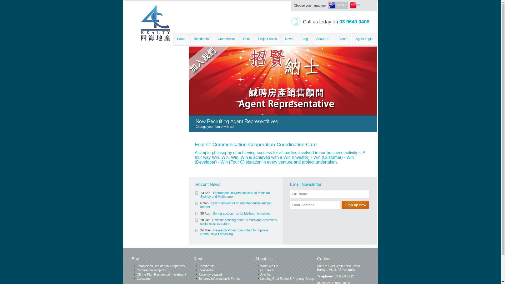  What do you see at coordinates (131, 271) in the screenshot?
I see `'Commercial Projects'` at bounding box center [131, 271].